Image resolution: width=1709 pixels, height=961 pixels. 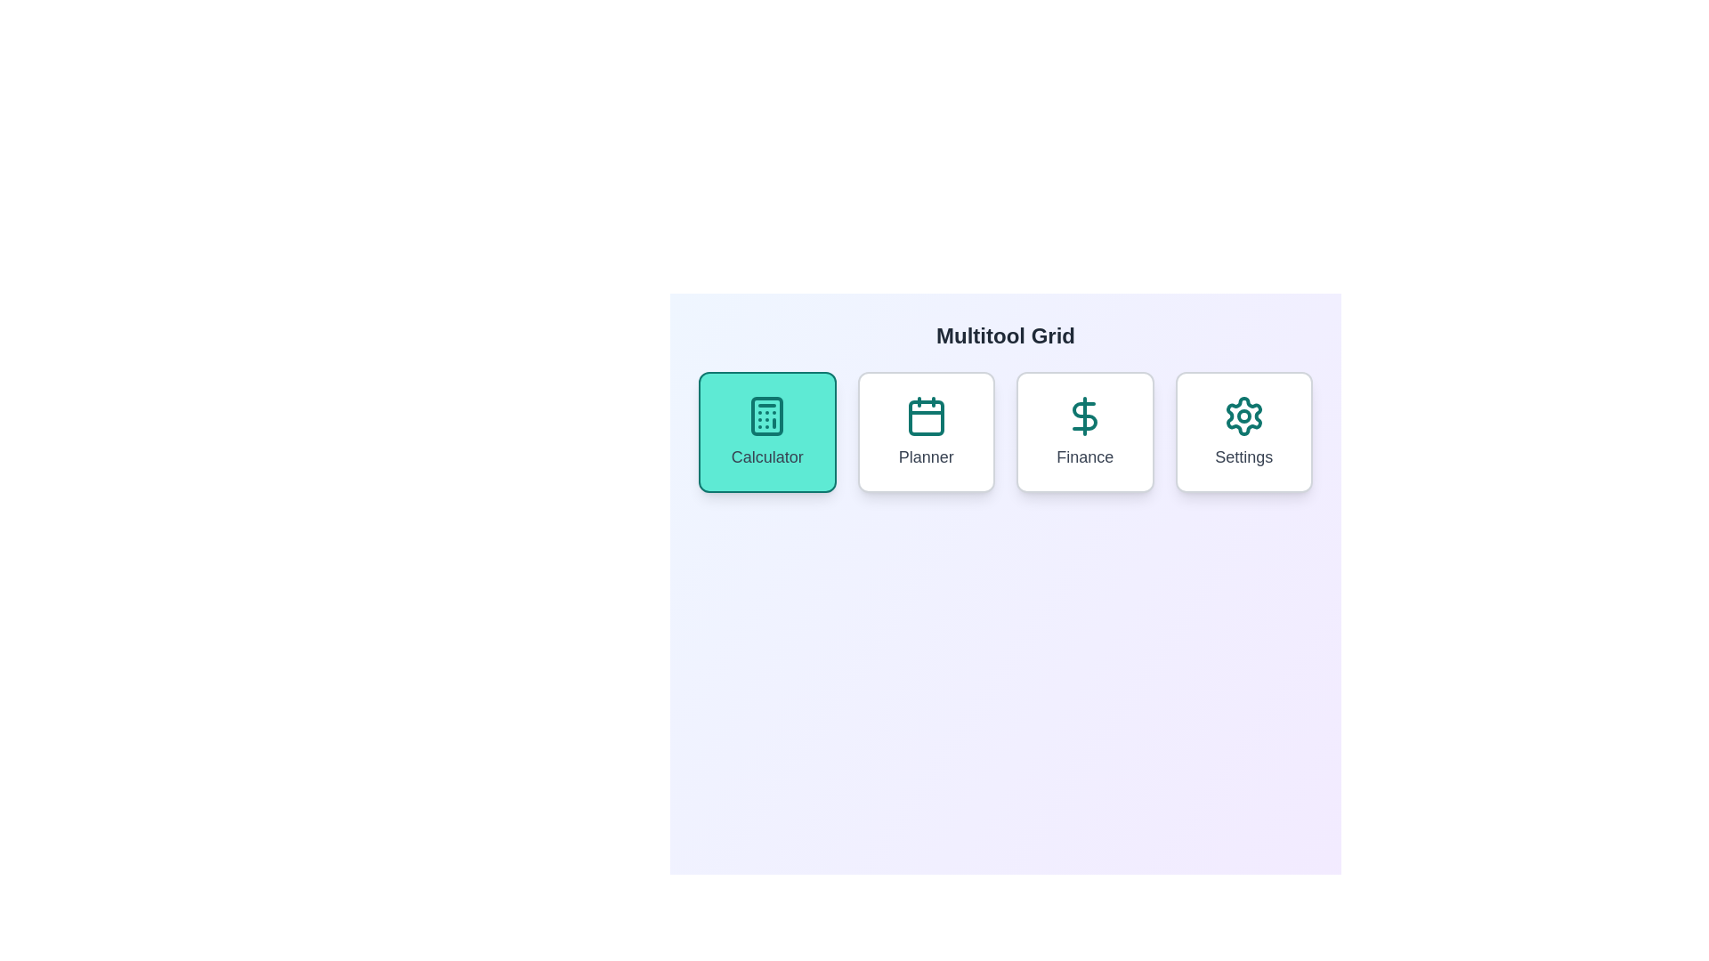 What do you see at coordinates (767, 456) in the screenshot?
I see `the 'Calculator' text label, which is displayed in a medium-sized, bold, gray font, positioned below the calculator icon within a teal-colored card` at bounding box center [767, 456].